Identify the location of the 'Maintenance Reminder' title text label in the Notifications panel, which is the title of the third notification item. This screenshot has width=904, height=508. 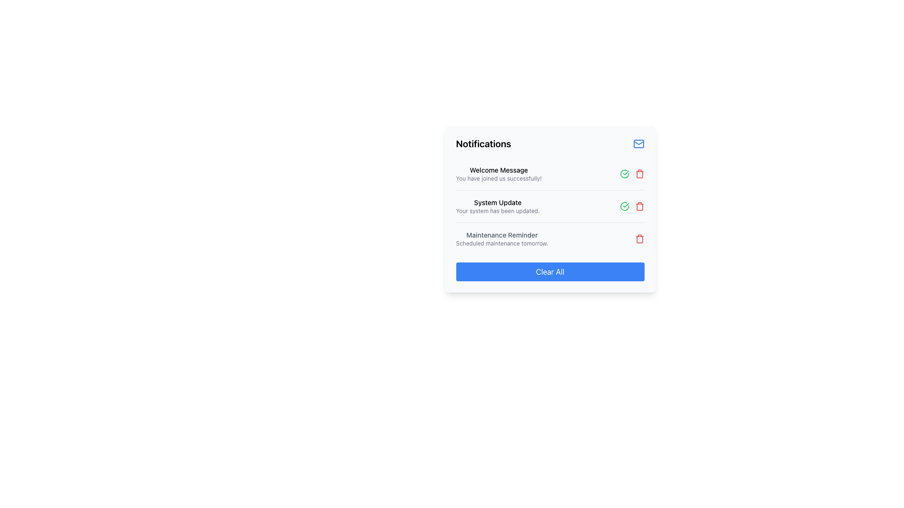
(501, 235).